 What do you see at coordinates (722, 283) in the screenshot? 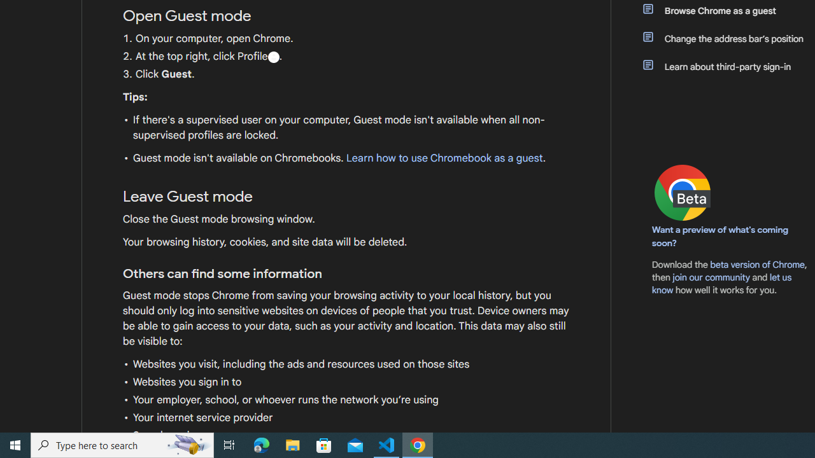
I see `'let us know'` at bounding box center [722, 283].